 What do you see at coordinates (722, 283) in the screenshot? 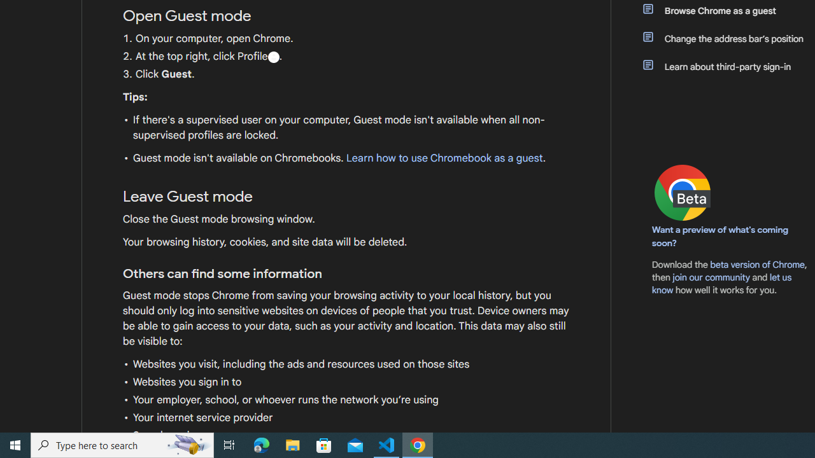
I see `'let us know'` at bounding box center [722, 283].